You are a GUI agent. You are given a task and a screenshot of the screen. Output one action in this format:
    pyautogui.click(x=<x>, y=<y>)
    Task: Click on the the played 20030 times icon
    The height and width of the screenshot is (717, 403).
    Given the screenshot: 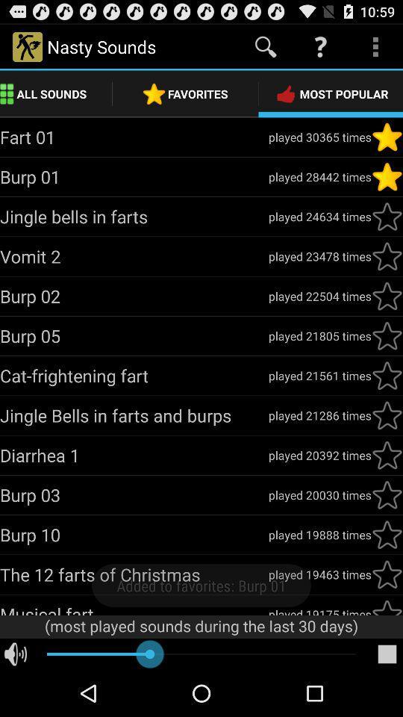 What is the action you would take?
    pyautogui.click(x=319, y=494)
    